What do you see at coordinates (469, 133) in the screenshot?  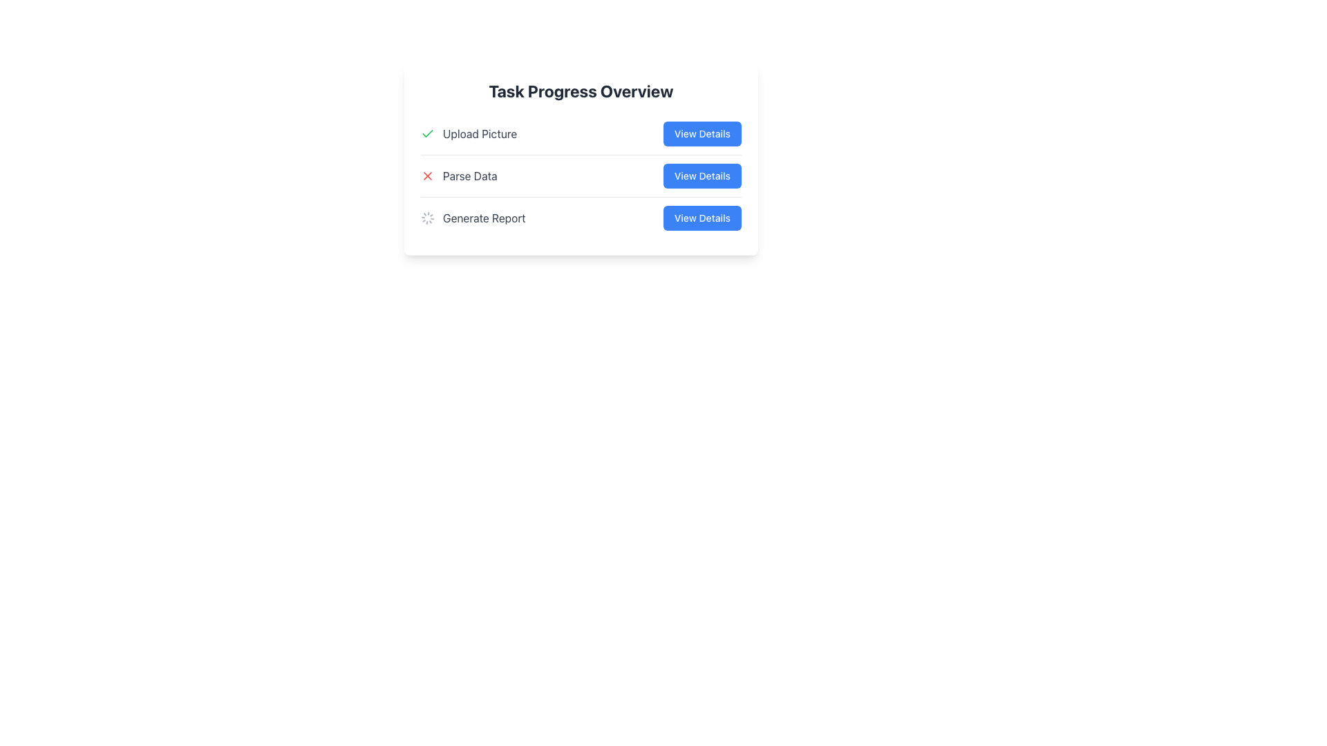 I see `the 'Upload Picture' checklist icon with a green checkmark and gray text, located under the 'Task Progress Overview' section at the top left of the task list` at bounding box center [469, 133].